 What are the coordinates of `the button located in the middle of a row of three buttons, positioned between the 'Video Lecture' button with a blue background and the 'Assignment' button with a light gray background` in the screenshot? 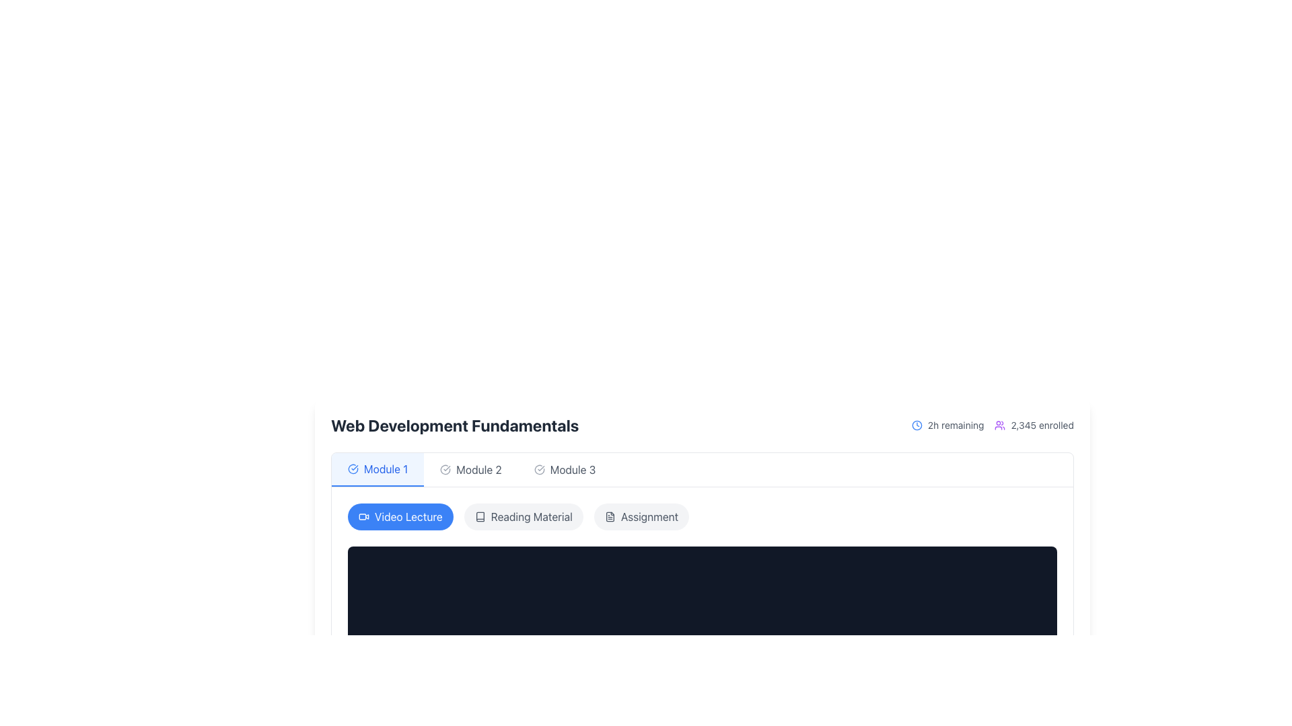 It's located at (523, 516).